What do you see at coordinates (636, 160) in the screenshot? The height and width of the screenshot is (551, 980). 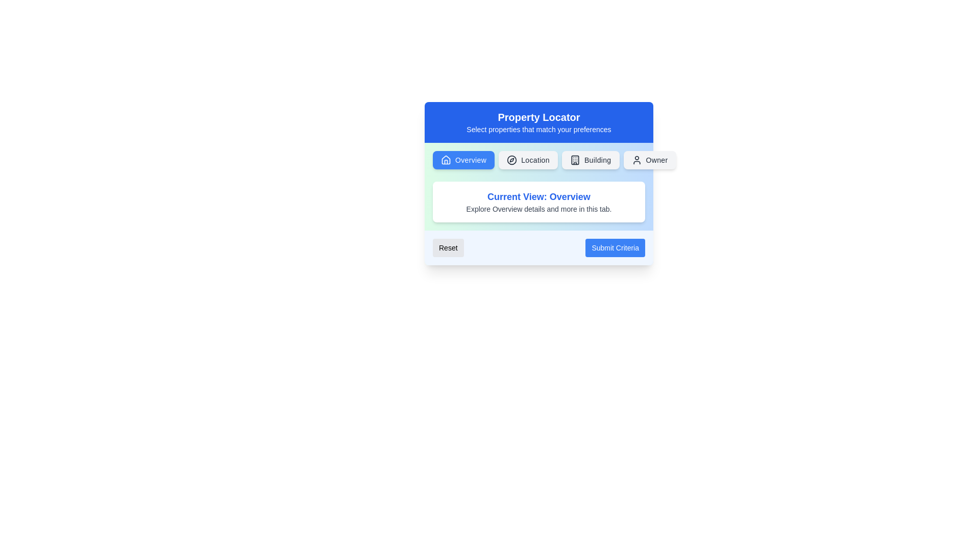 I see `the icon located to the left of the 'Owner' button, which visually represents the context of the button and helps users quickly identify its purpose` at bounding box center [636, 160].